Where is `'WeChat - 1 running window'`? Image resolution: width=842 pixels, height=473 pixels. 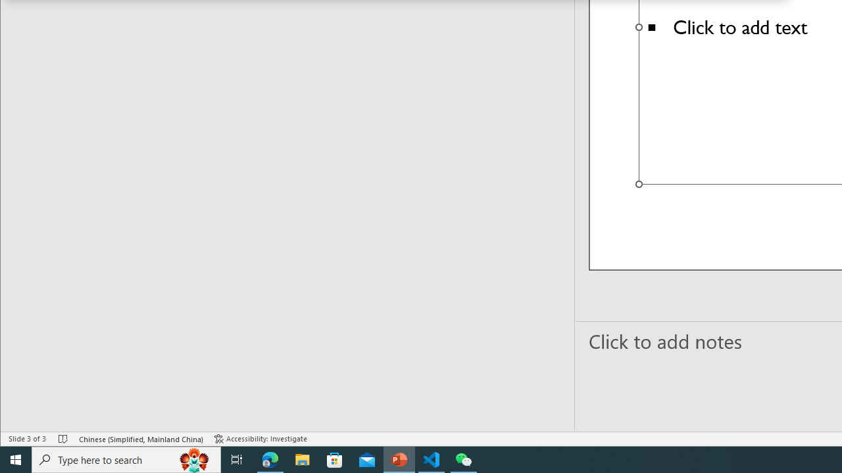 'WeChat - 1 running window' is located at coordinates (464, 459).